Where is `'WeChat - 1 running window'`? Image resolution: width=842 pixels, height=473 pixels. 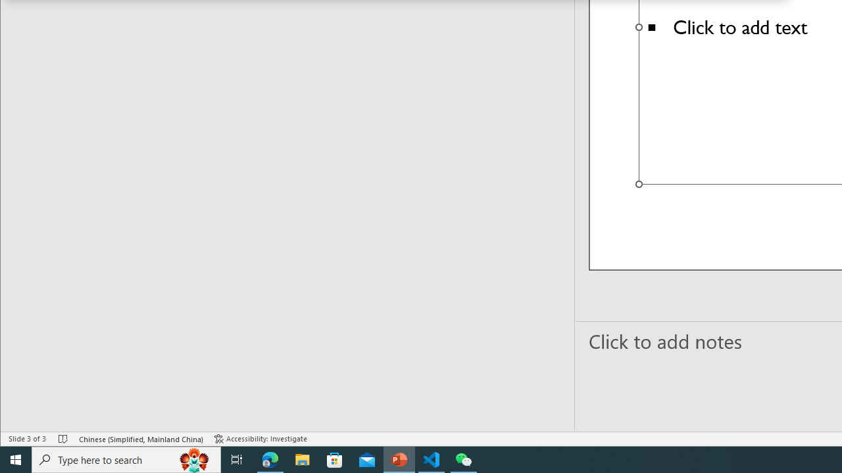 'WeChat - 1 running window' is located at coordinates (464, 459).